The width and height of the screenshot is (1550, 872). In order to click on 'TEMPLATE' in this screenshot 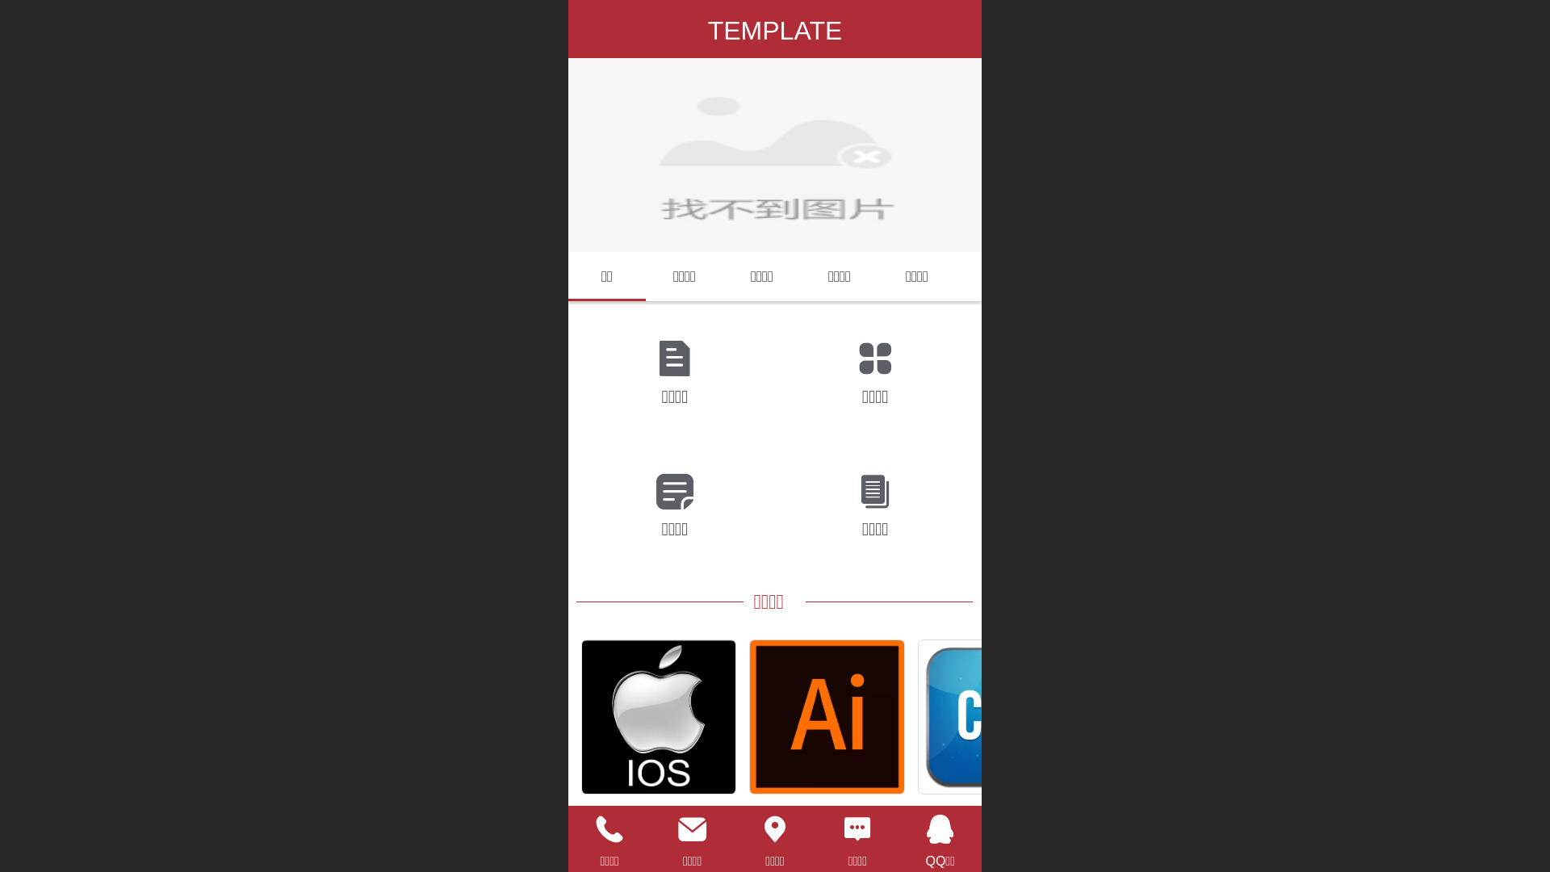, I will do `click(775, 31)`.